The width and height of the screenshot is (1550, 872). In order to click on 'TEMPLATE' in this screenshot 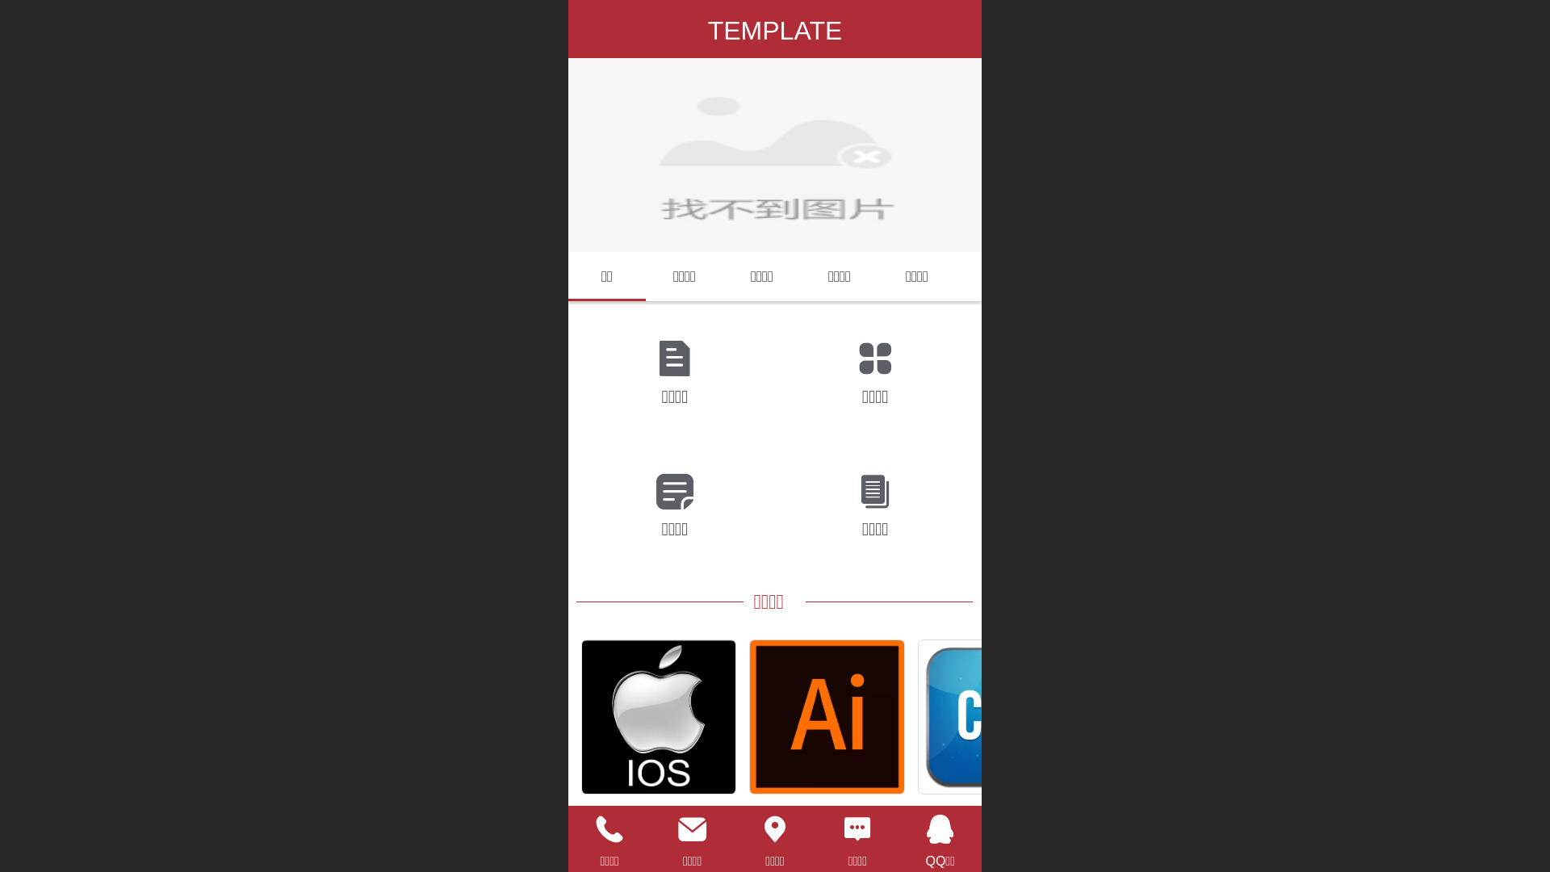, I will do `click(775, 31)`.